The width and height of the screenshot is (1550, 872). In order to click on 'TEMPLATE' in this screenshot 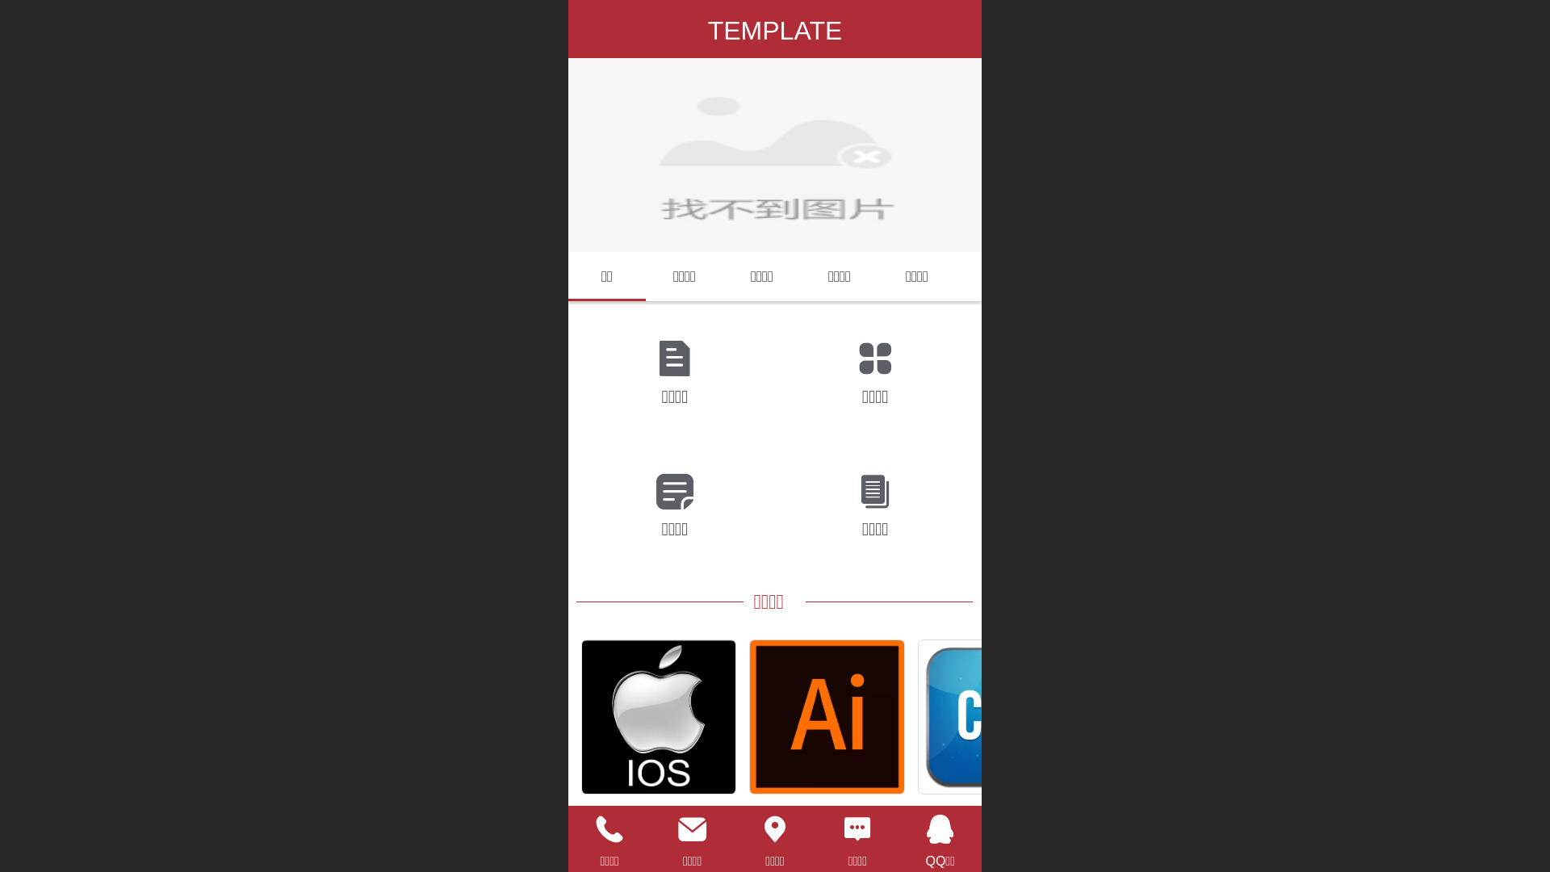, I will do `click(775, 31)`.